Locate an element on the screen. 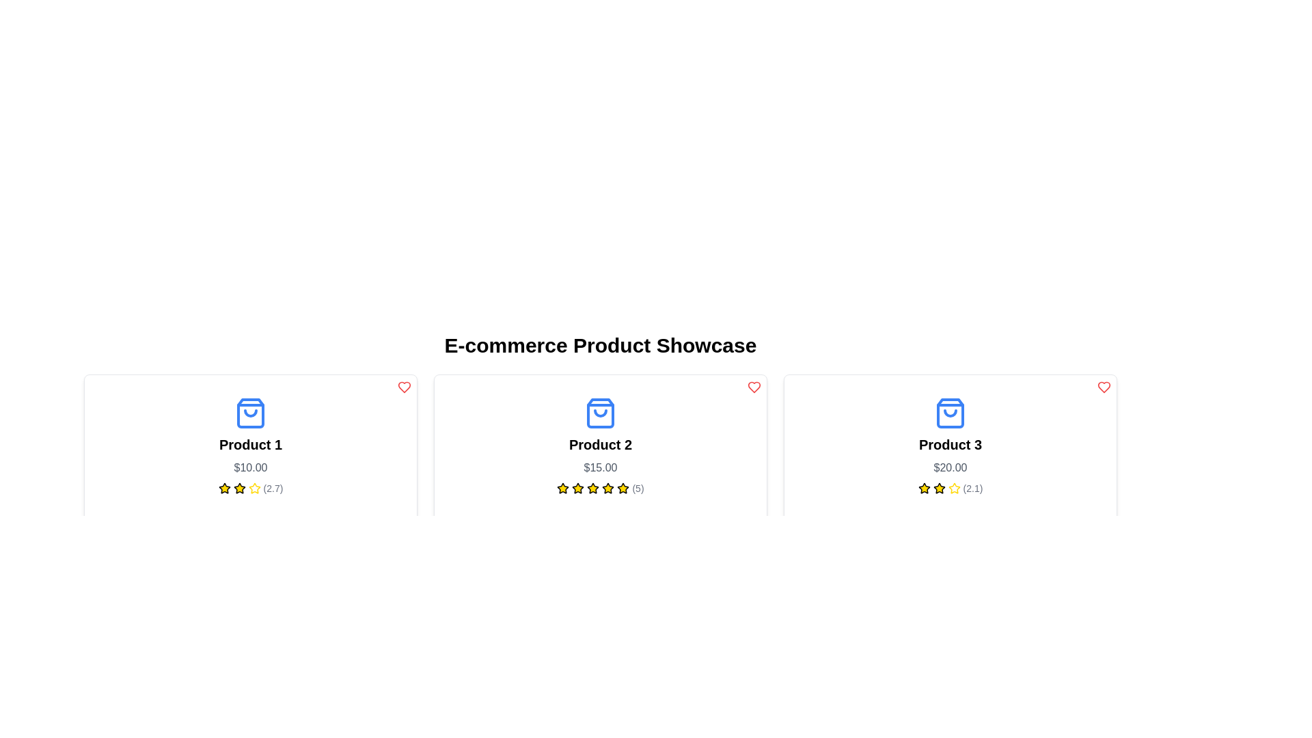 The width and height of the screenshot is (1312, 738). the Product display card featuring a blue shopping bag icon at the top, with the text 'Product 1' in bold, price '$10.00' in gray, and a rating indicator showing two fully filled stars, one partially filled star, and the text '(2.7)' underneath is located at coordinates (250, 446).